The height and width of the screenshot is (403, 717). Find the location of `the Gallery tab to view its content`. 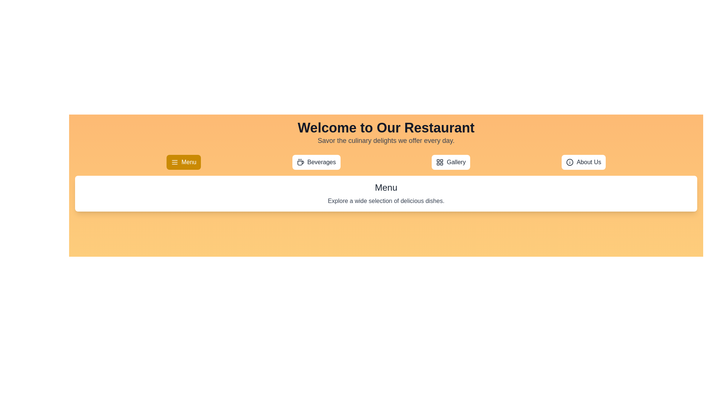

the Gallery tab to view its content is located at coordinates (450, 162).